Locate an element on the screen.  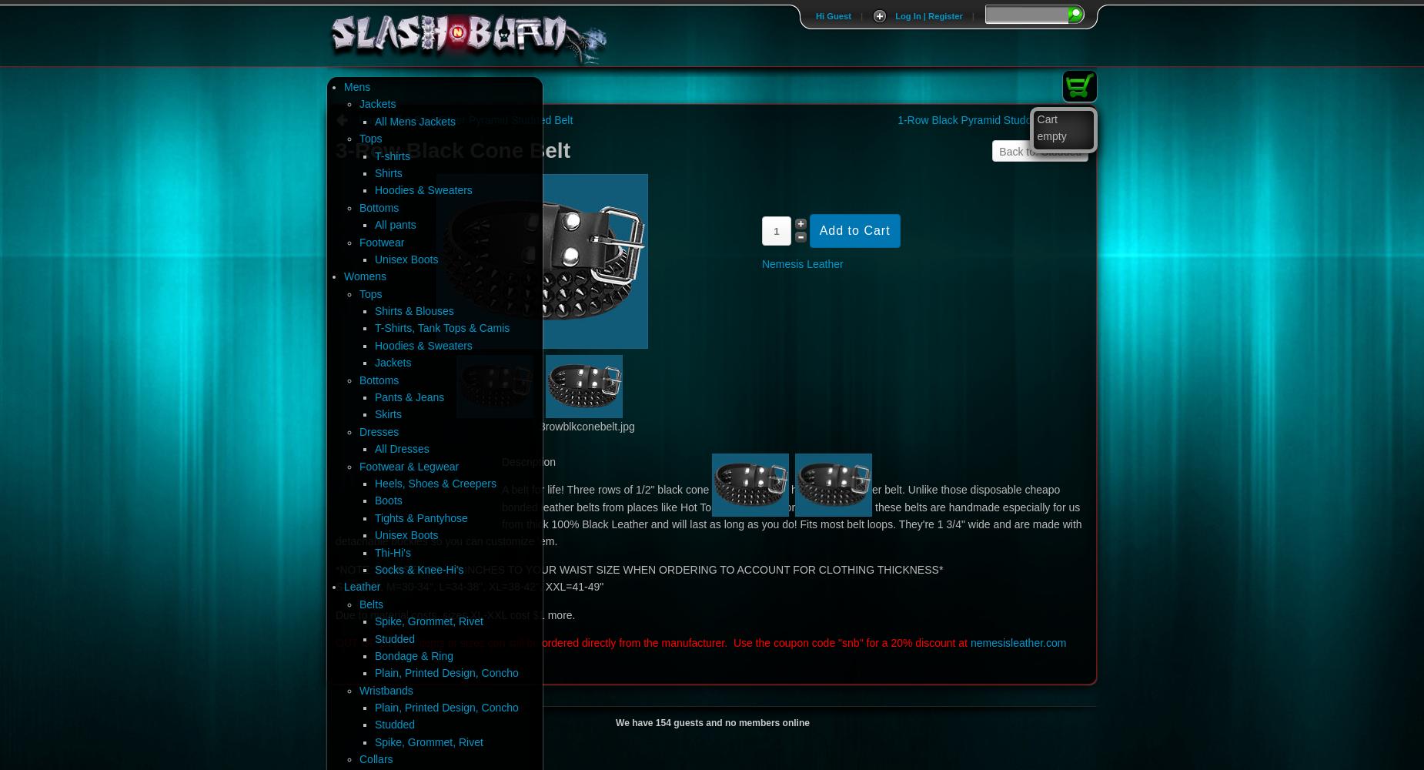
'nemesisleather.com' is located at coordinates (969, 641).